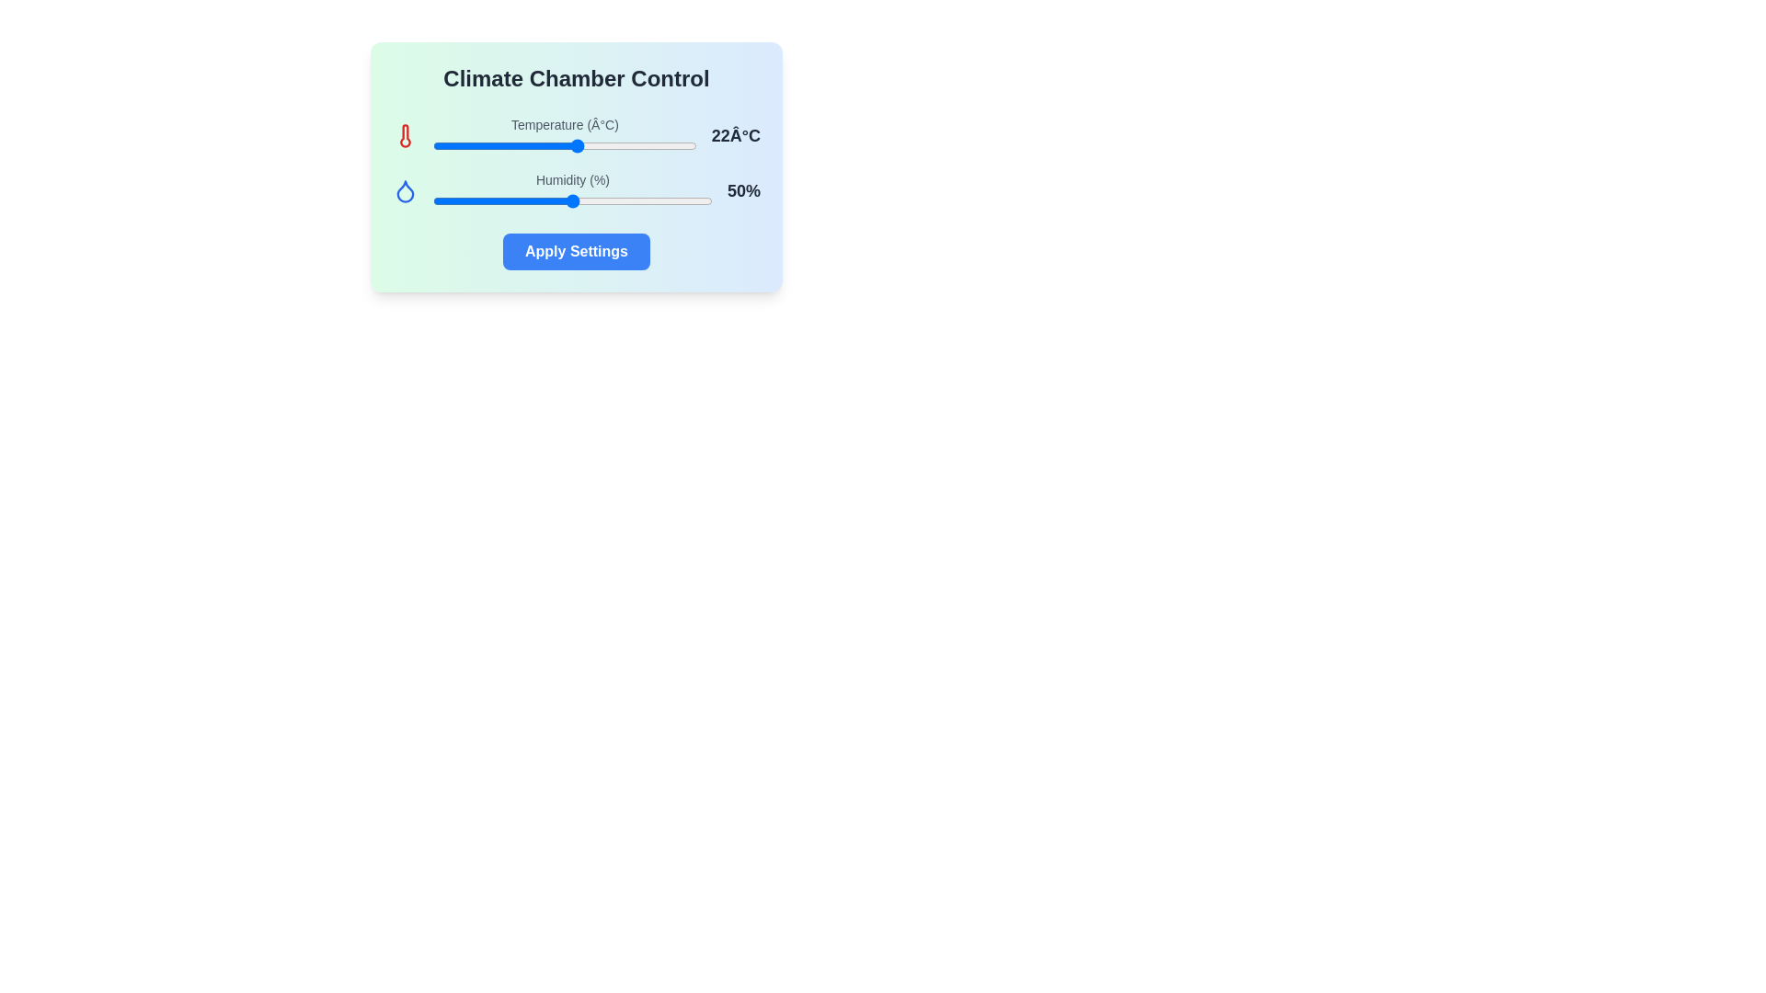  Describe the element at coordinates (505, 144) in the screenshot. I see `the temperature slider to 11 degrees Celsius` at that location.